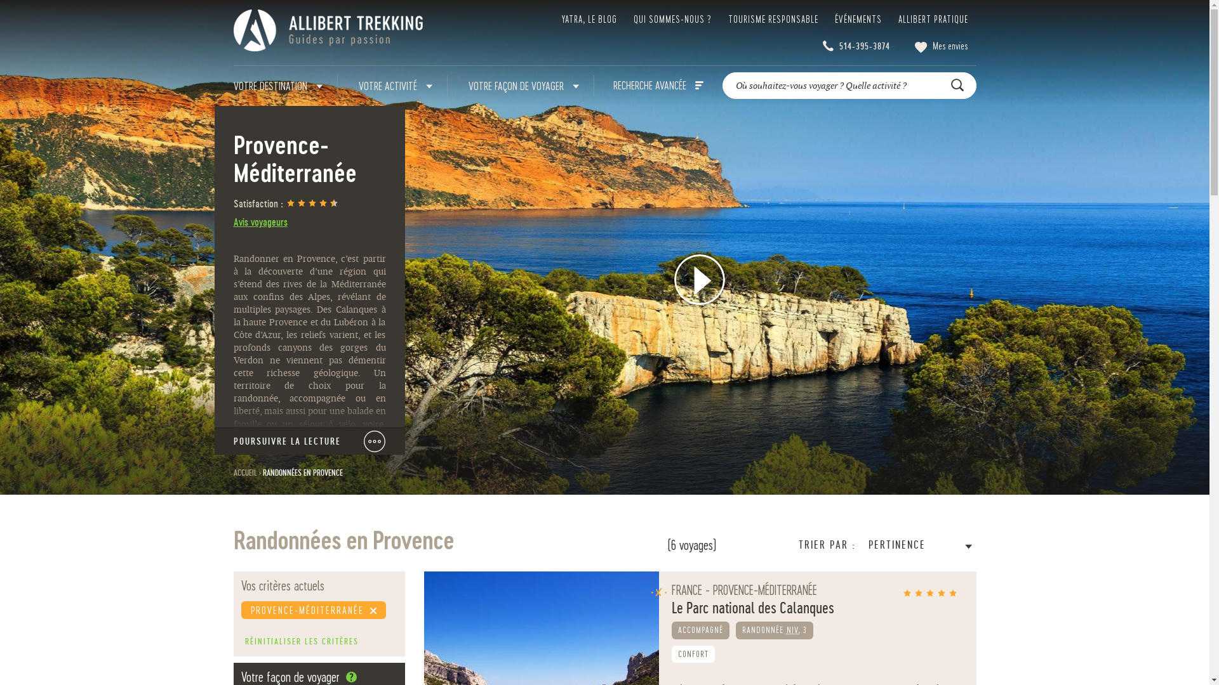 The height and width of the screenshot is (685, 1219). Describe the element at coordinates (310, 204) in the screenshot. I see `'Satisfaction : 94% - Sur 324 voyageurs'` at that location.